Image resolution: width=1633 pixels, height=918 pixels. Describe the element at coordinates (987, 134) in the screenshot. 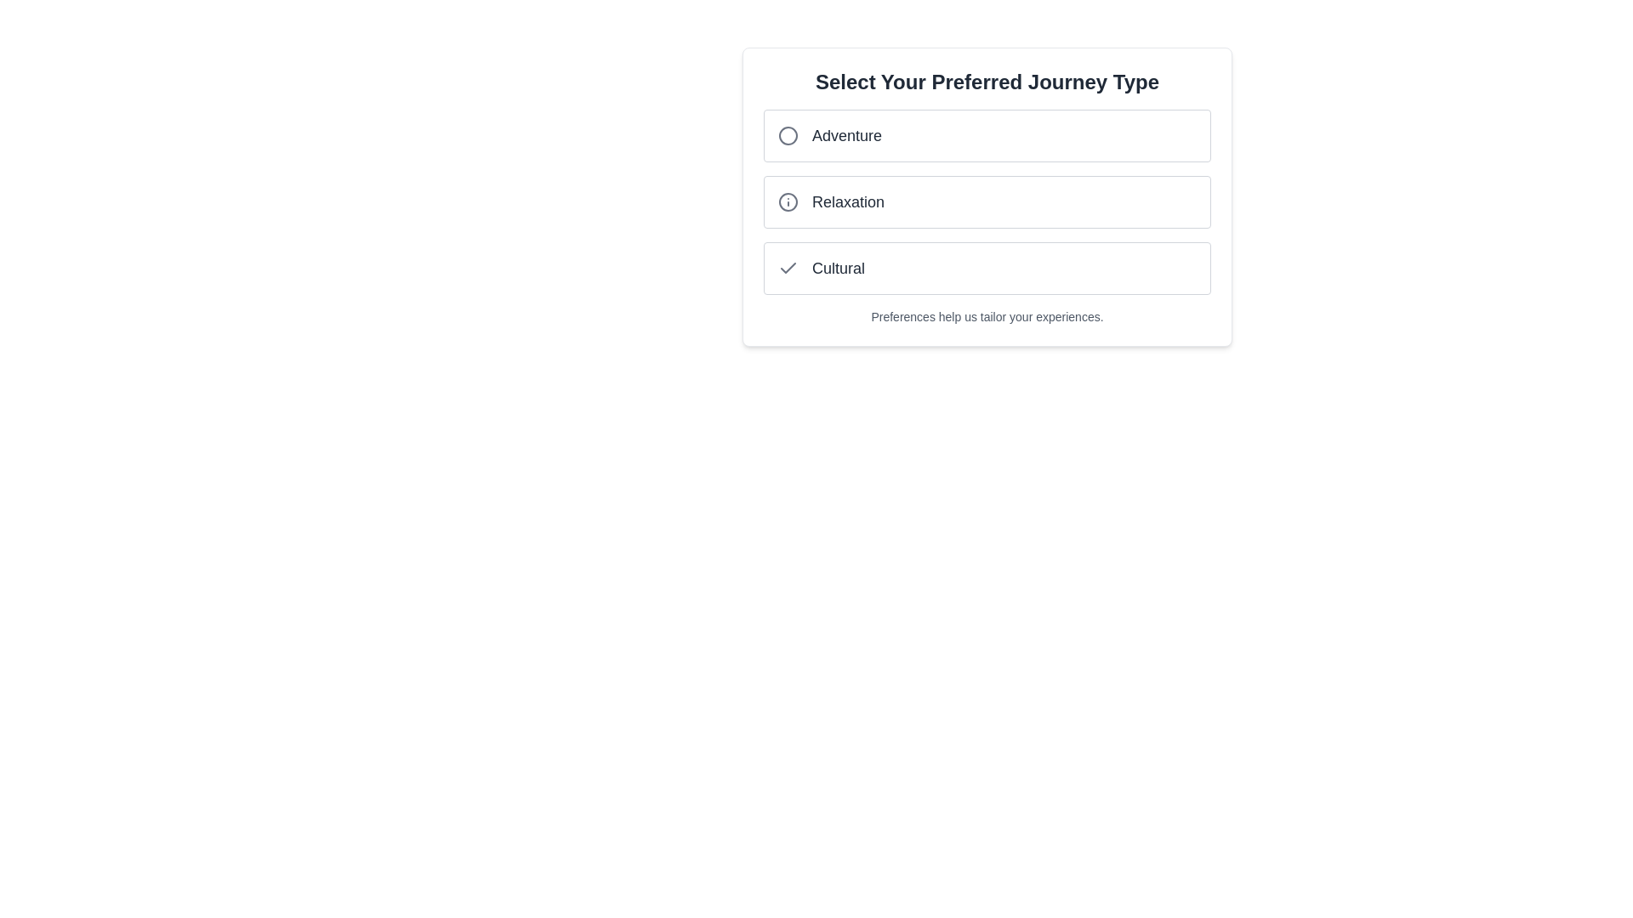

I see `to select the 'Adventure' option in the list of journey types, which is the first item in the vertical list of three options` at that location.